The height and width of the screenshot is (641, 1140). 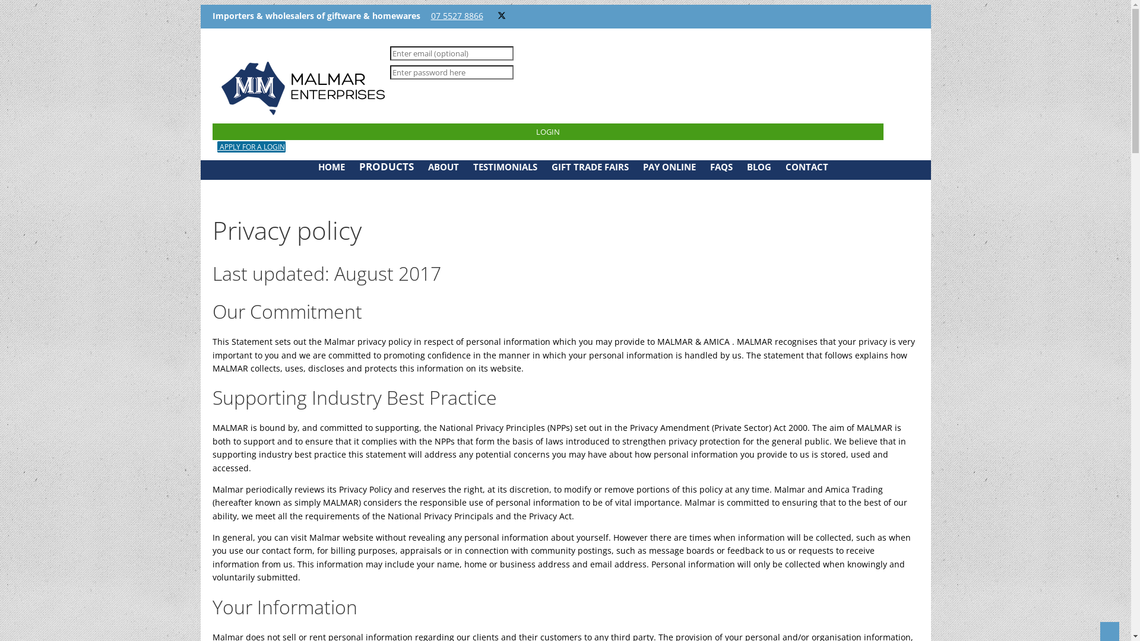 I want to click on 'Twitter', so click(x=501, y=15).